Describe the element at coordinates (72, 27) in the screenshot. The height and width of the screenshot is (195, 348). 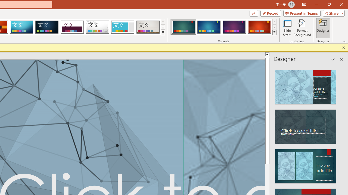
I see `'Dividend'` at that location.